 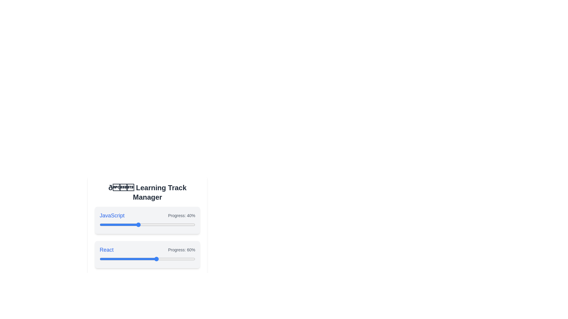 I want to click on the progress for 'JavaScript' track, so click(x=183, y=224).